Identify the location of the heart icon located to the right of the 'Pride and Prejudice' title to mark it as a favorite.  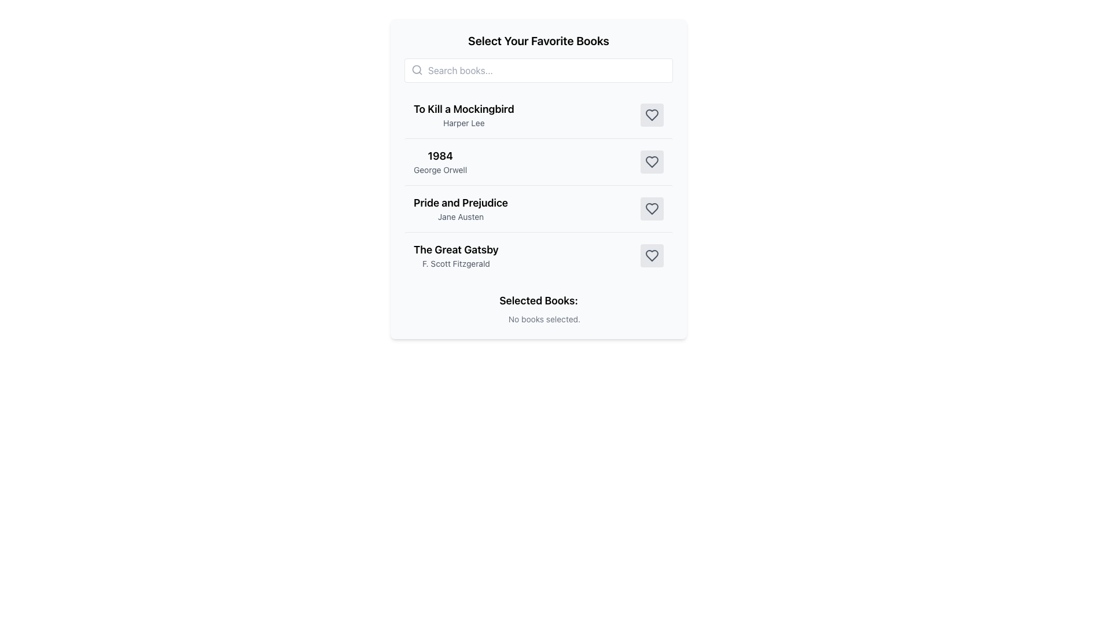
(652, 209).